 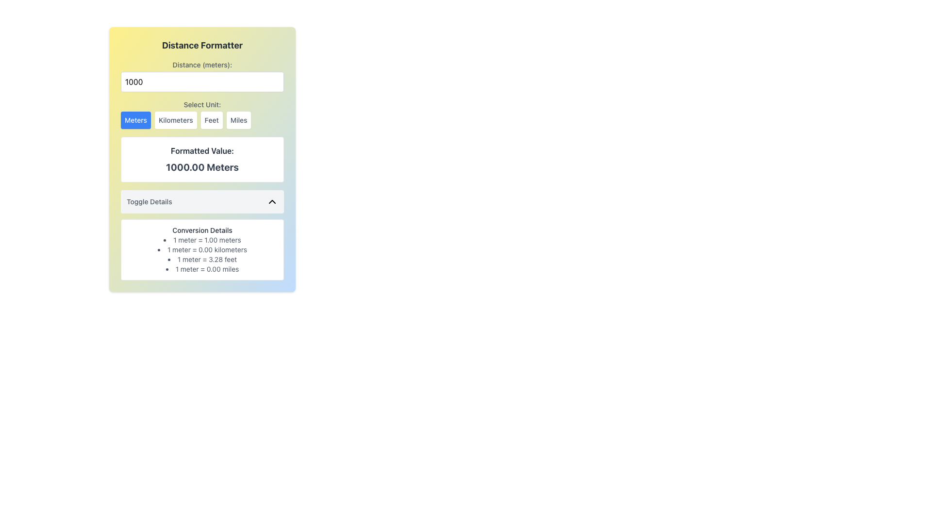 What do you see at coordinates (202, 259) in the screenshot?
I see `the text element displaying '1 meter = 3.28 feet', which is the third item in a bullet-pointed list of conversion details` at bounding box center [202, 259].